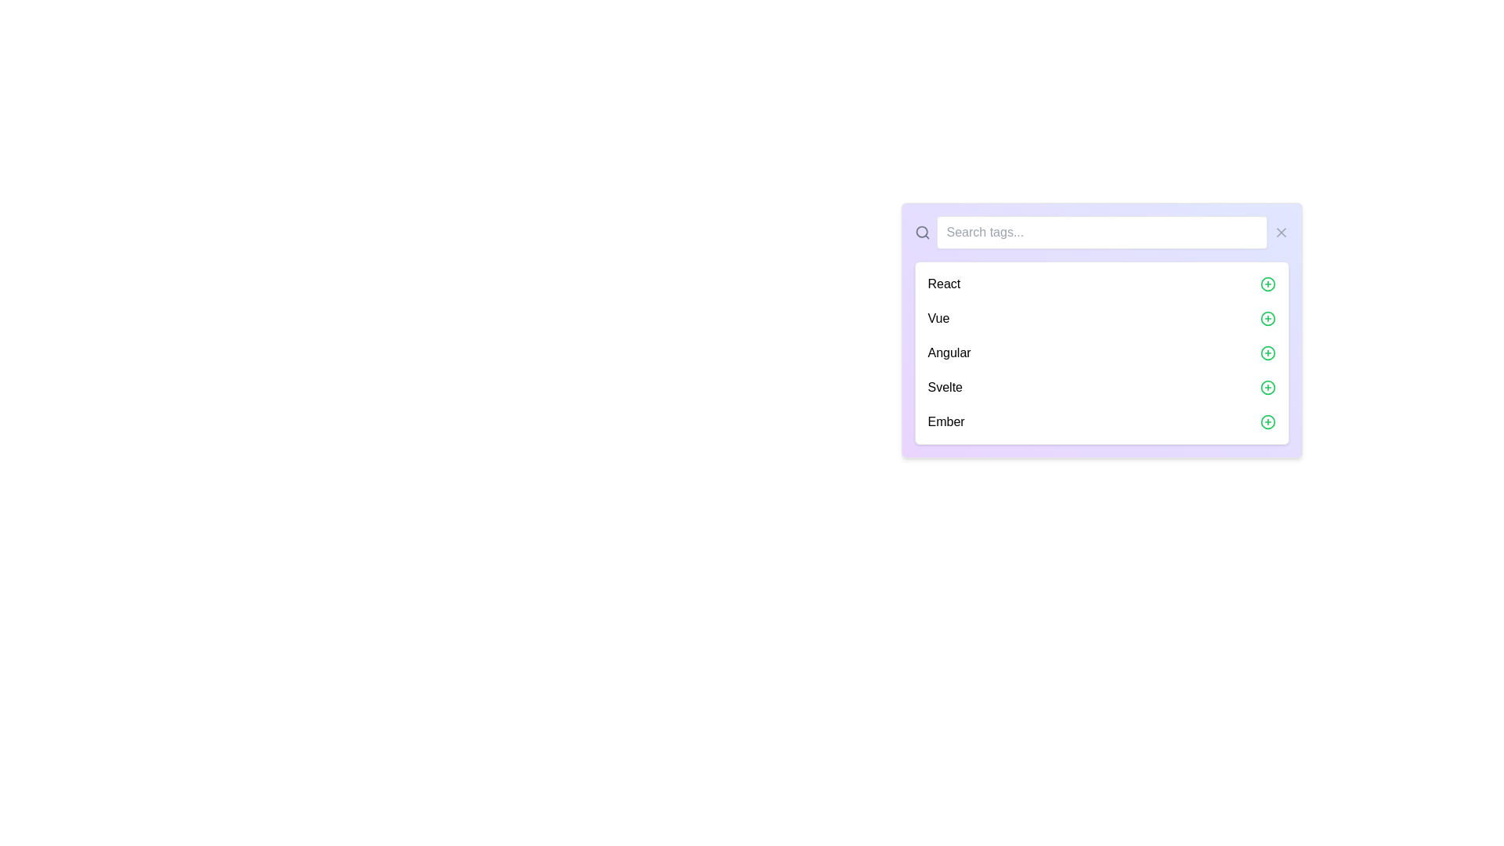 This screenshot has width=1504, height=846. What do you see at coordinates (1101, 353) in the screenshot?
I see `the third list item in the drop-down menu` at bounding box center [1101, 353].